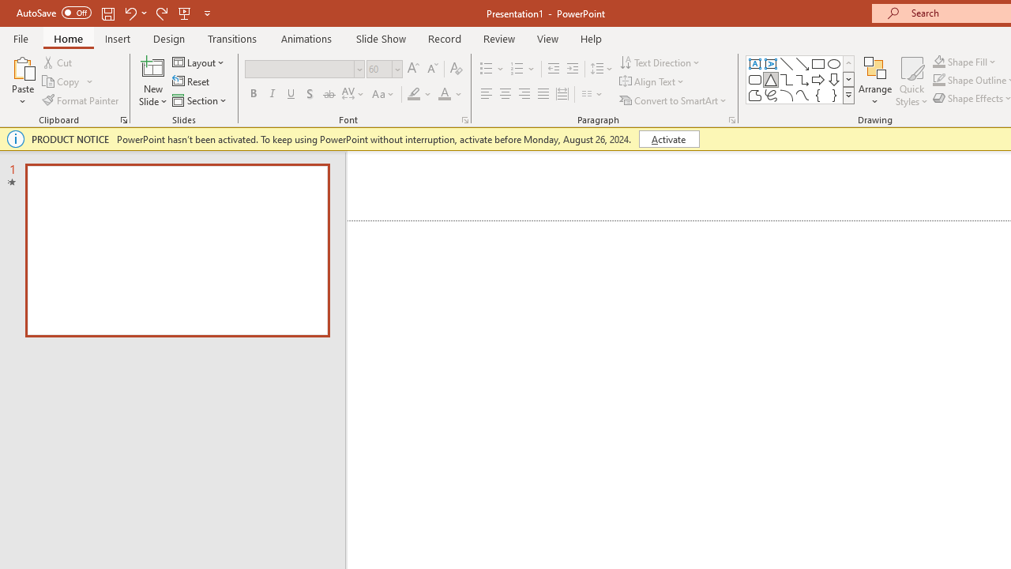  Describe the element at coordinates (802, 95) in the screenshot. I see `'Curve'` at that location.